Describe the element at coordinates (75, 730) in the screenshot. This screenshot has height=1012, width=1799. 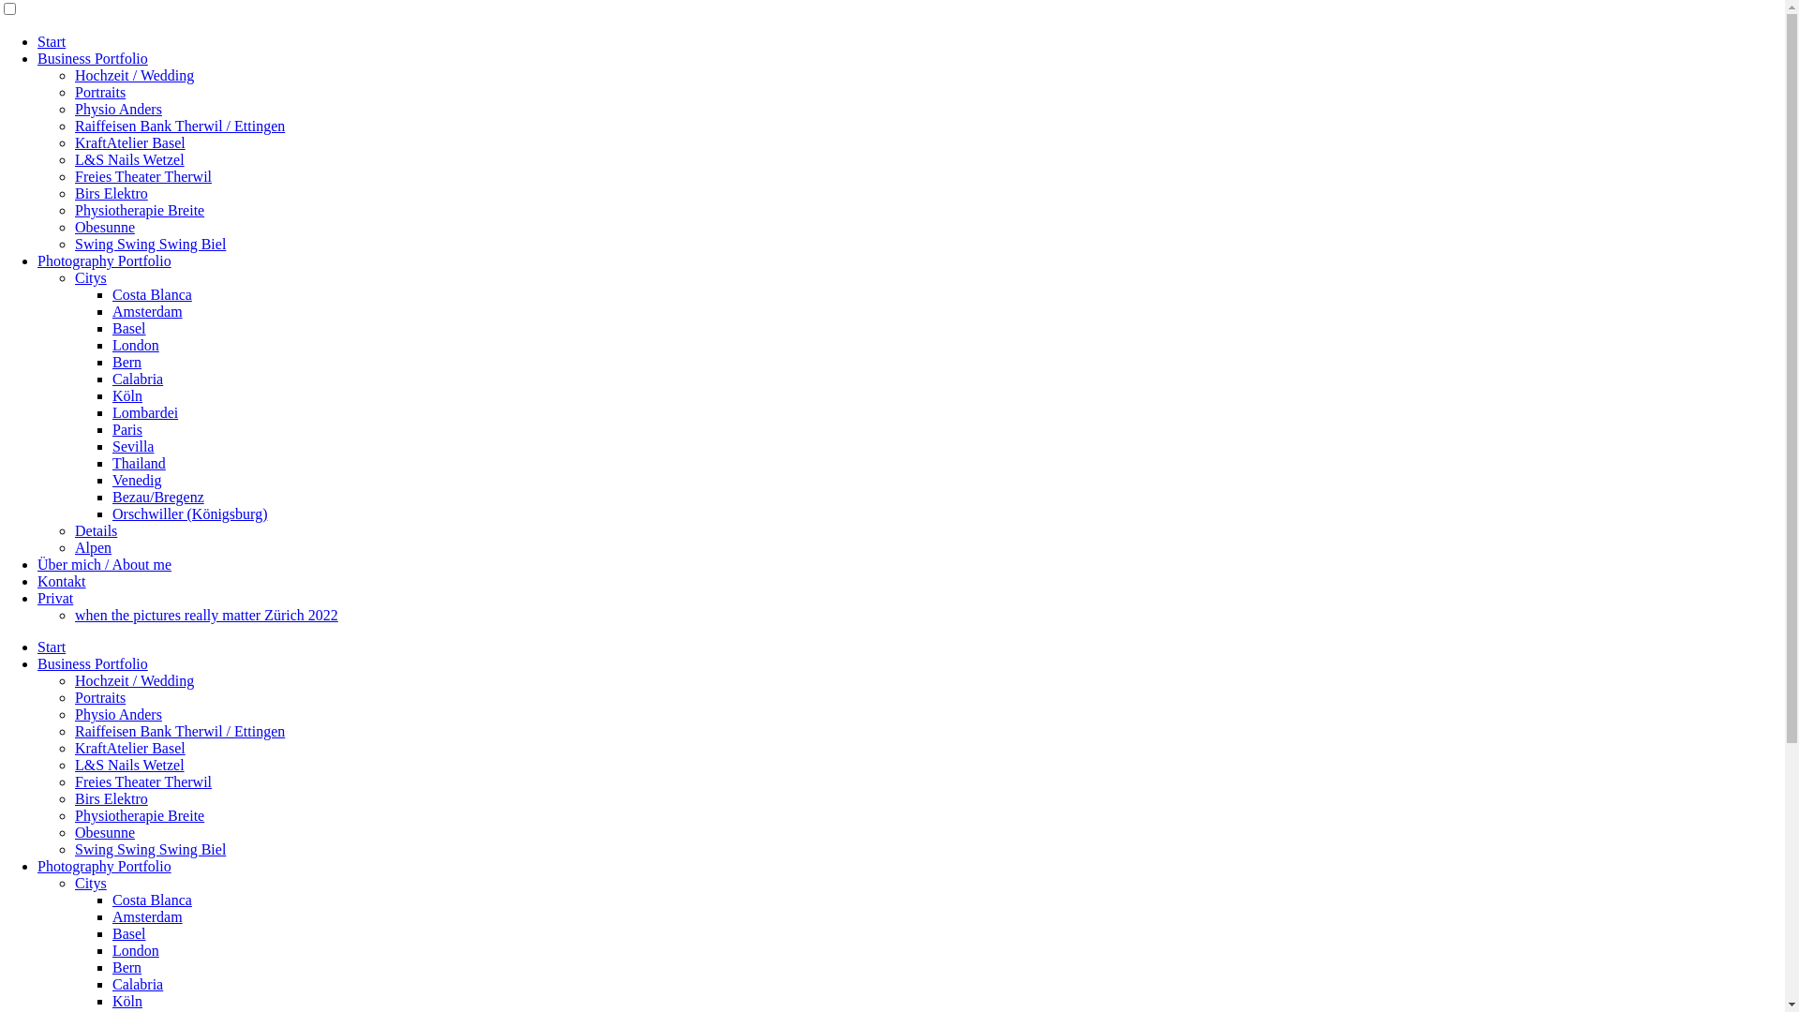
I see `'Raiffeisen Bank Therwil / Ettingen'` at that location.